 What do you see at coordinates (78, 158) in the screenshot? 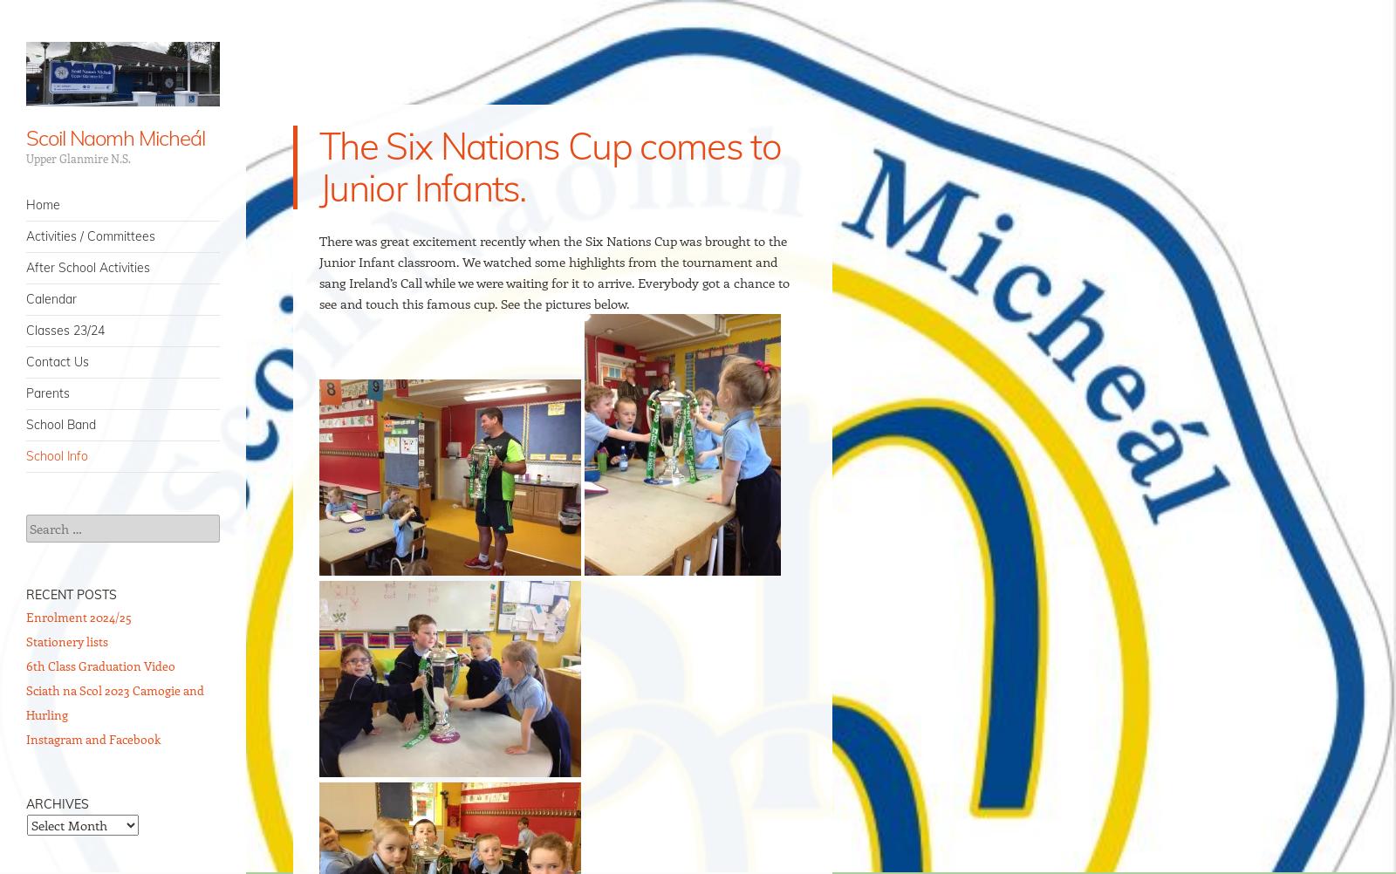
I see `'Upper Glanmire N.S.'` at bounding box center [78, 158].